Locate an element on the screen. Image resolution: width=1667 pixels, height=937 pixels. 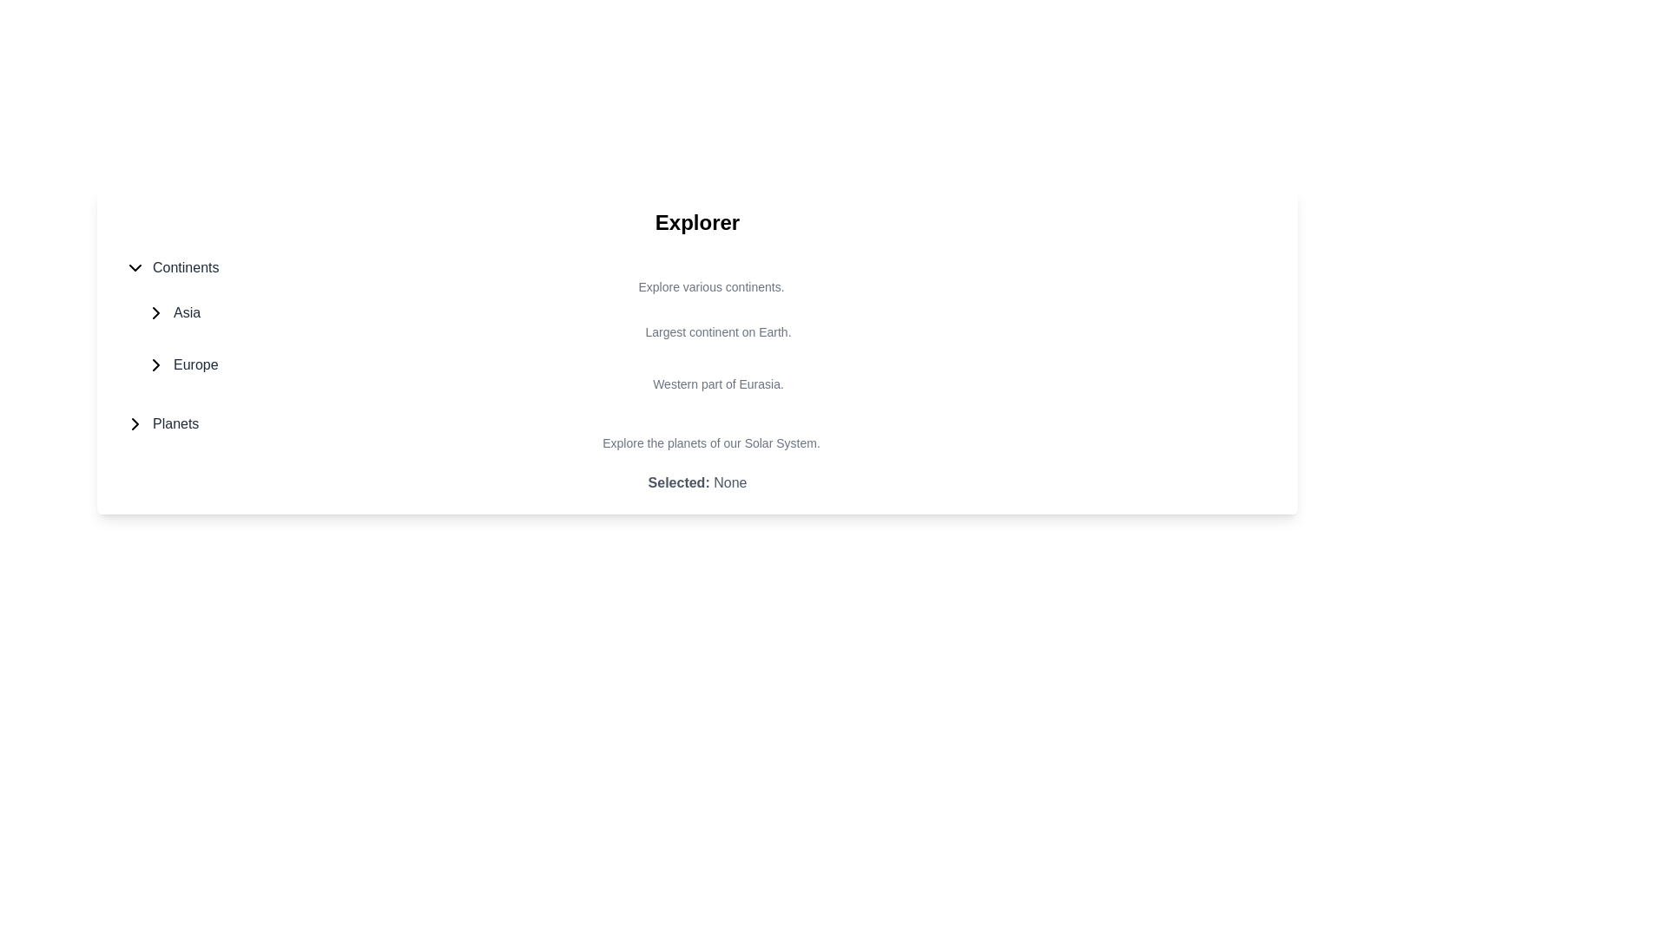
the static text label that provides additional context about the 'Planets' section, positioned directly below the heading 'Planets' and aligned to the left margin is located at coordinates (697, 442).